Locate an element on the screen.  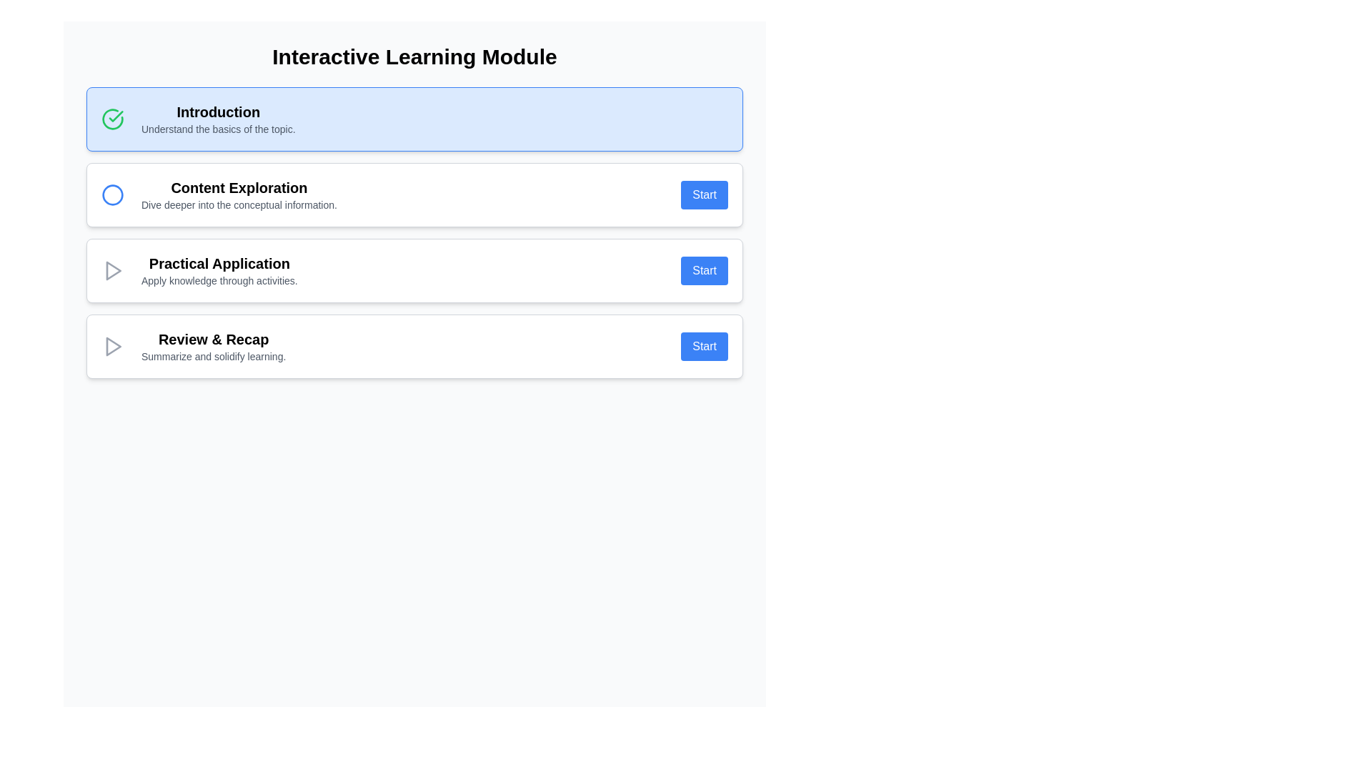
the 'Review & Recap' button located at the bottom-right of the fourth card in the 'Interactive Learning Module' section to visualize the hover effect is located at coordinates (705, 347).